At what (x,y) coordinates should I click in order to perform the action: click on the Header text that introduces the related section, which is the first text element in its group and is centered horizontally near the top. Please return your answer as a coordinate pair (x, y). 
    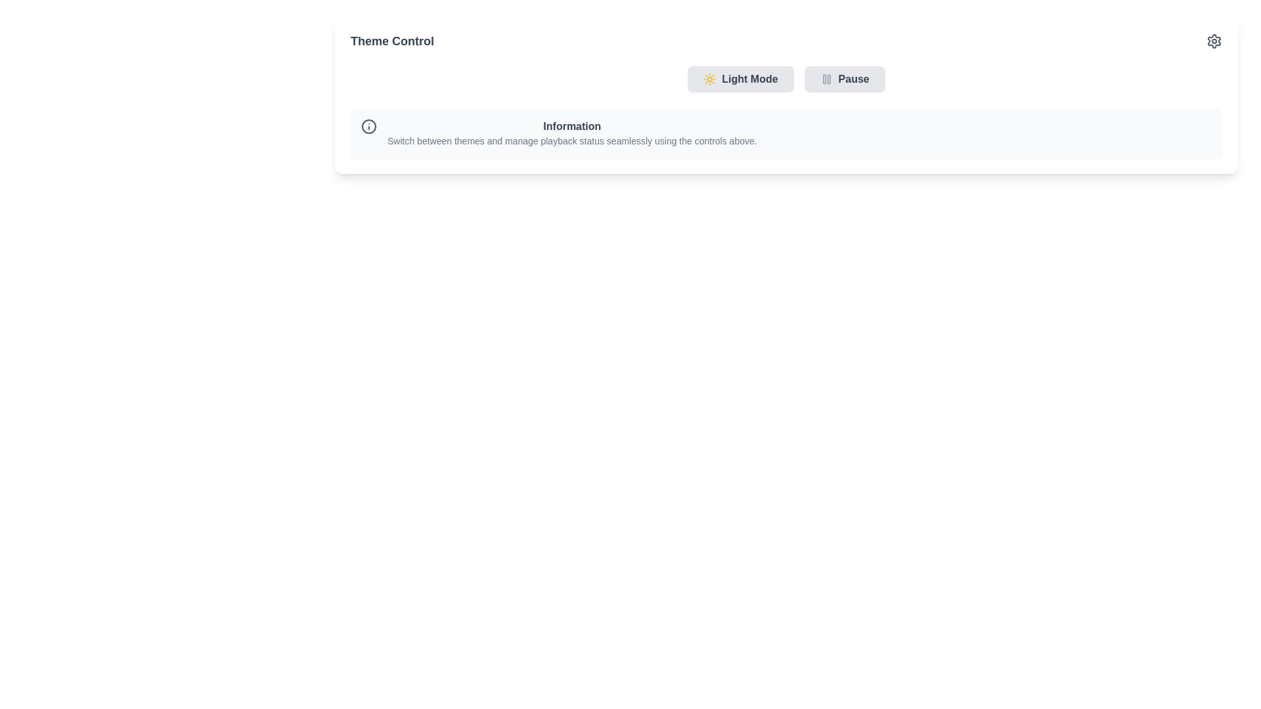
    Looking at the image, I should click on (572, 126).